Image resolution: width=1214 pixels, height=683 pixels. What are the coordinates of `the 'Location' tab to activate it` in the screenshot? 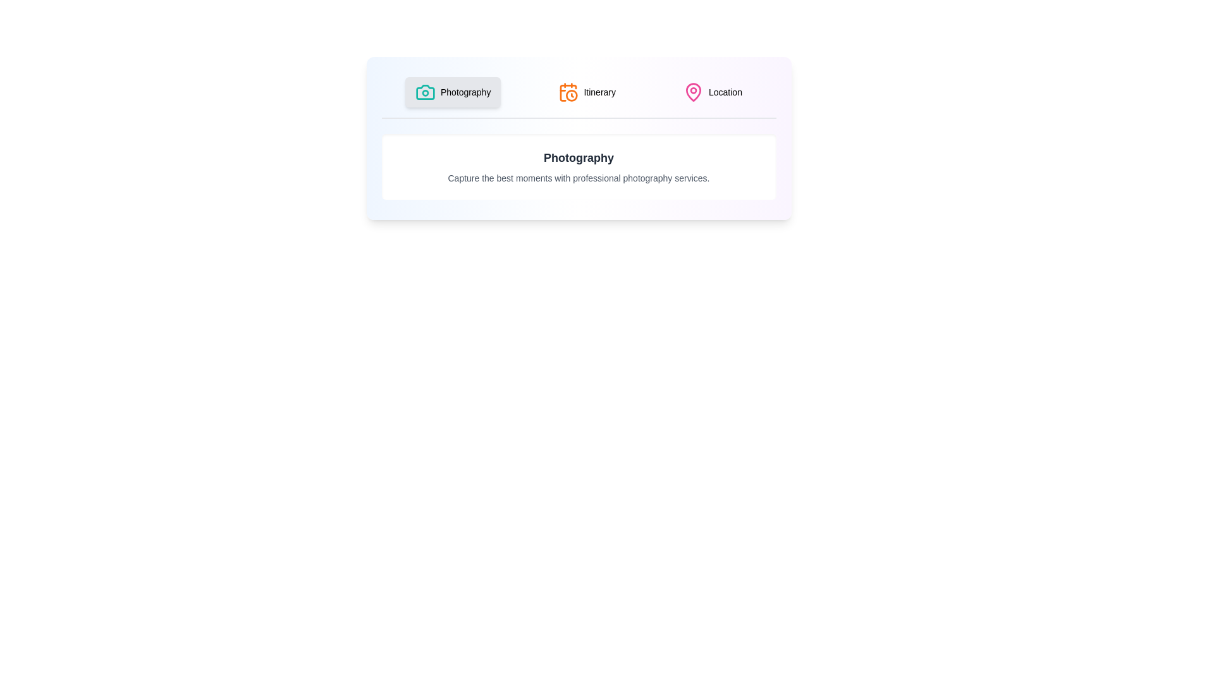 It's located at (713, 92).